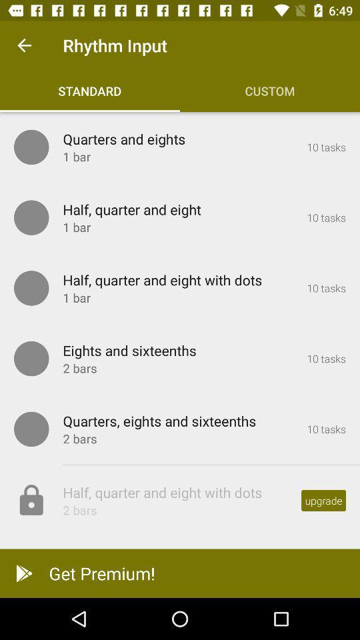 The height and width of the screenshot is (640, 360). Describe the element at coordinates (180, 573) in the screenshot. I see `the get premium! item` at that location.